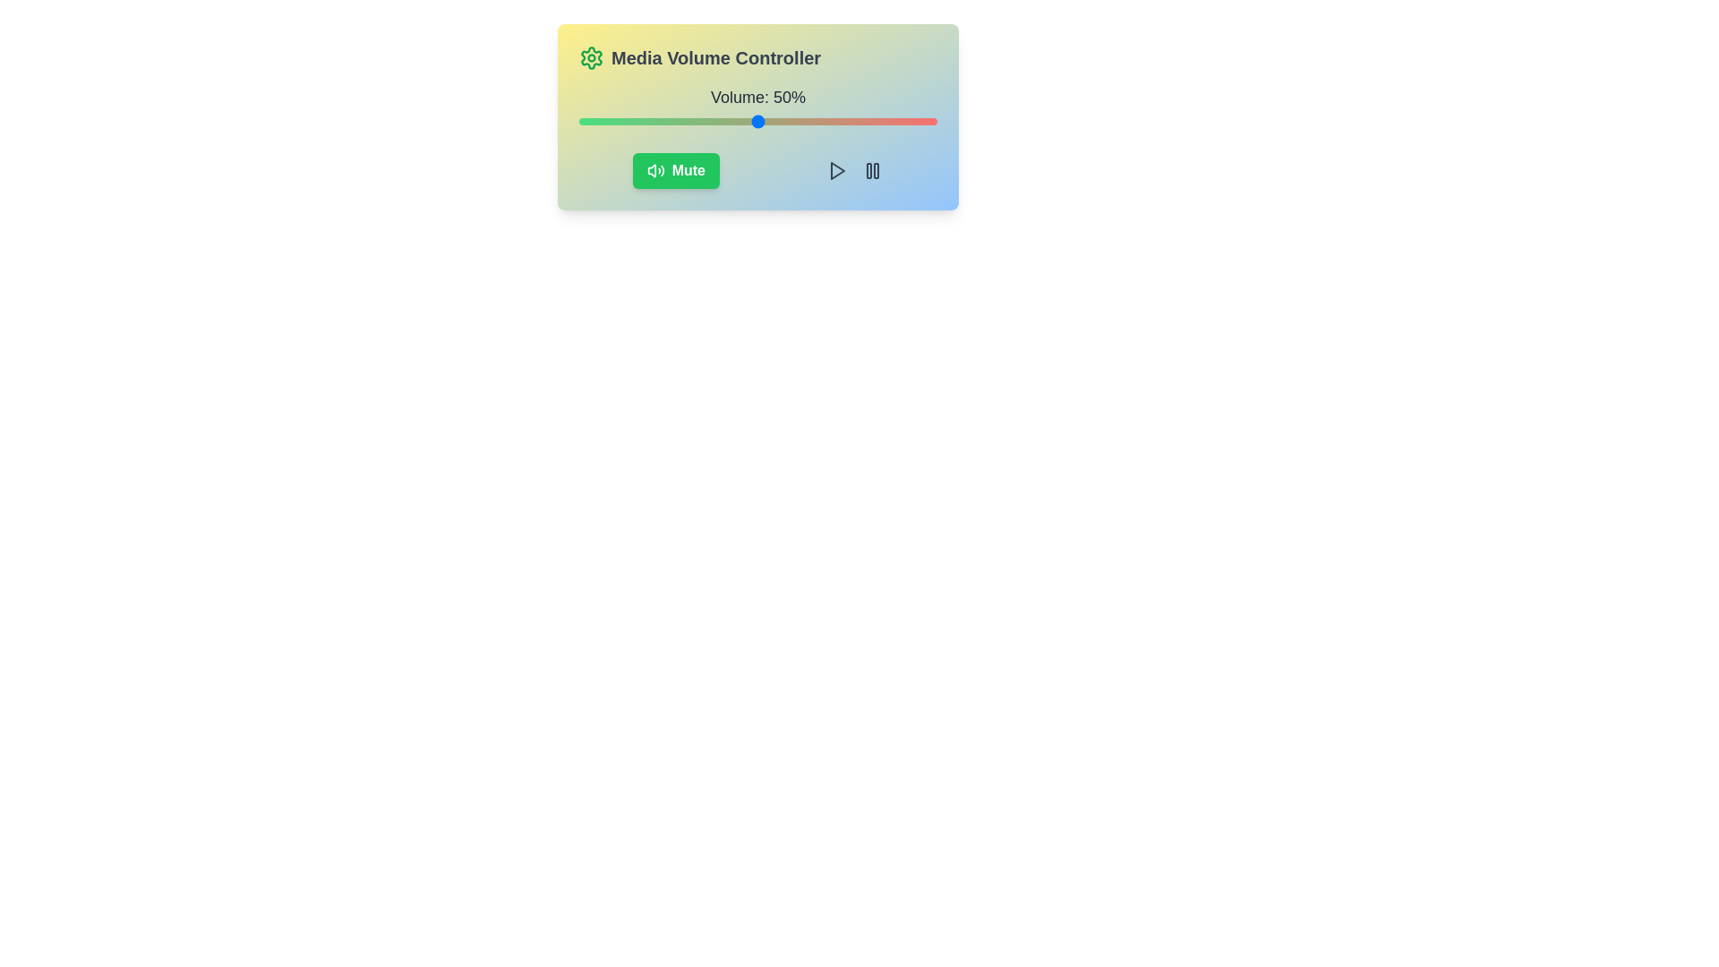  What do you see at coordinates (622, 121) in the screenshot?
I see `the volume slider to set the volume to 12%` at bounding box center [622, 121].